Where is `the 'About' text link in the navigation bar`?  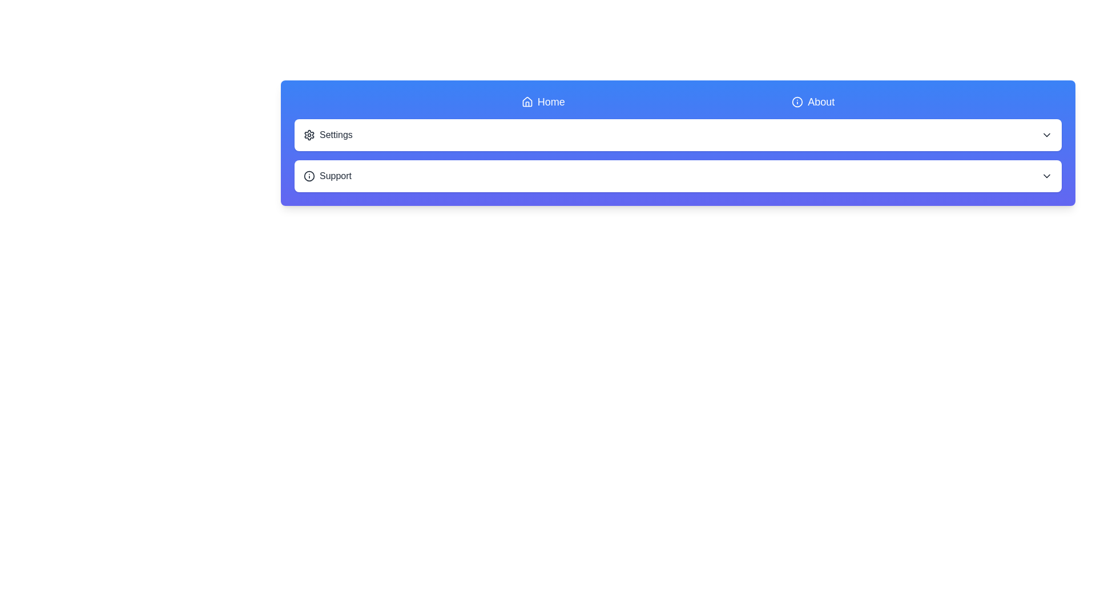
the 'About' text link in the navigation bar is located at coordinates (820, 101).